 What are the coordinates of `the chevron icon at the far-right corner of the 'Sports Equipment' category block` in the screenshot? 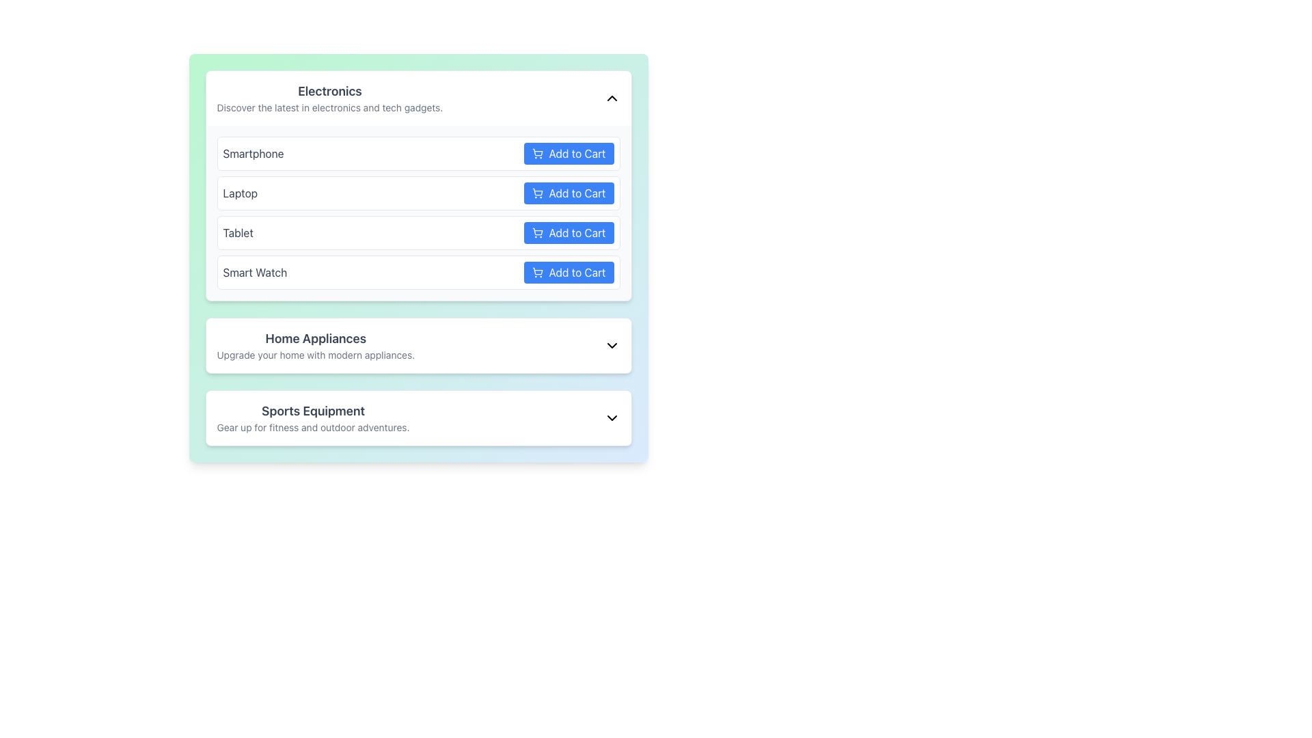 It's located at (611, 418).